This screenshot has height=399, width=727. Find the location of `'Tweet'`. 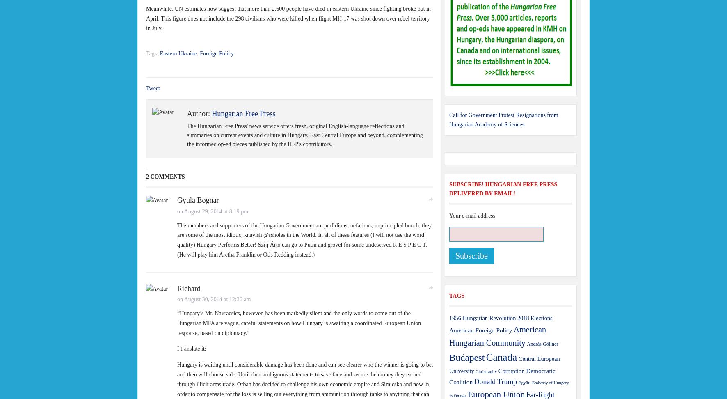

'Tweet' is located at coordinates (153, 87).